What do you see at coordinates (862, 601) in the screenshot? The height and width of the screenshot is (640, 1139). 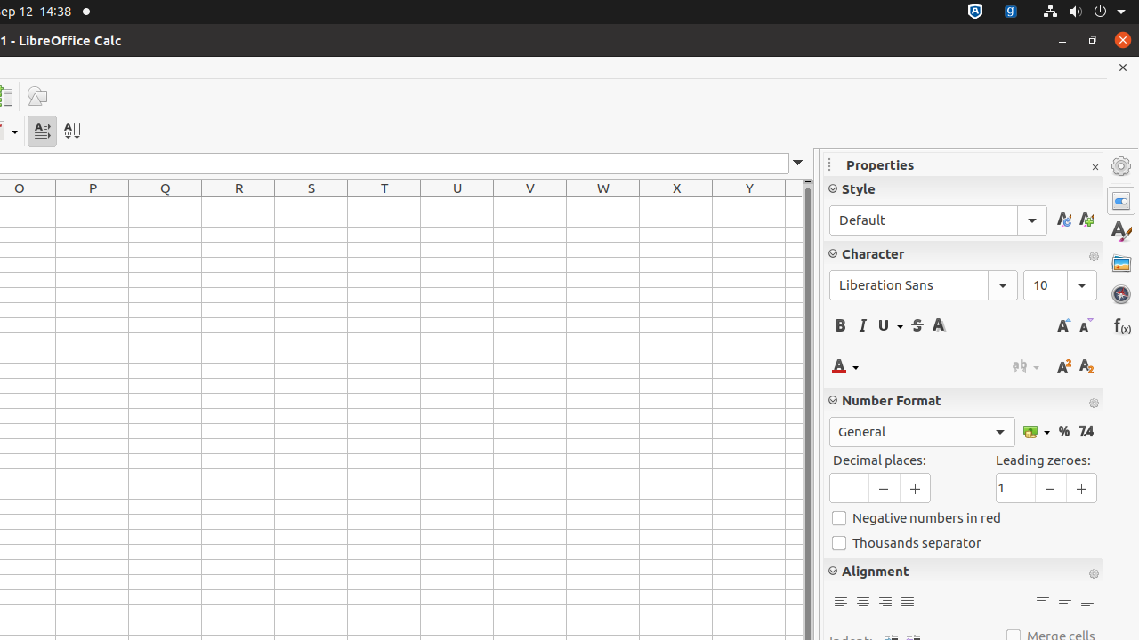 I see `'Align Center'` at bounding box center [862, 601].